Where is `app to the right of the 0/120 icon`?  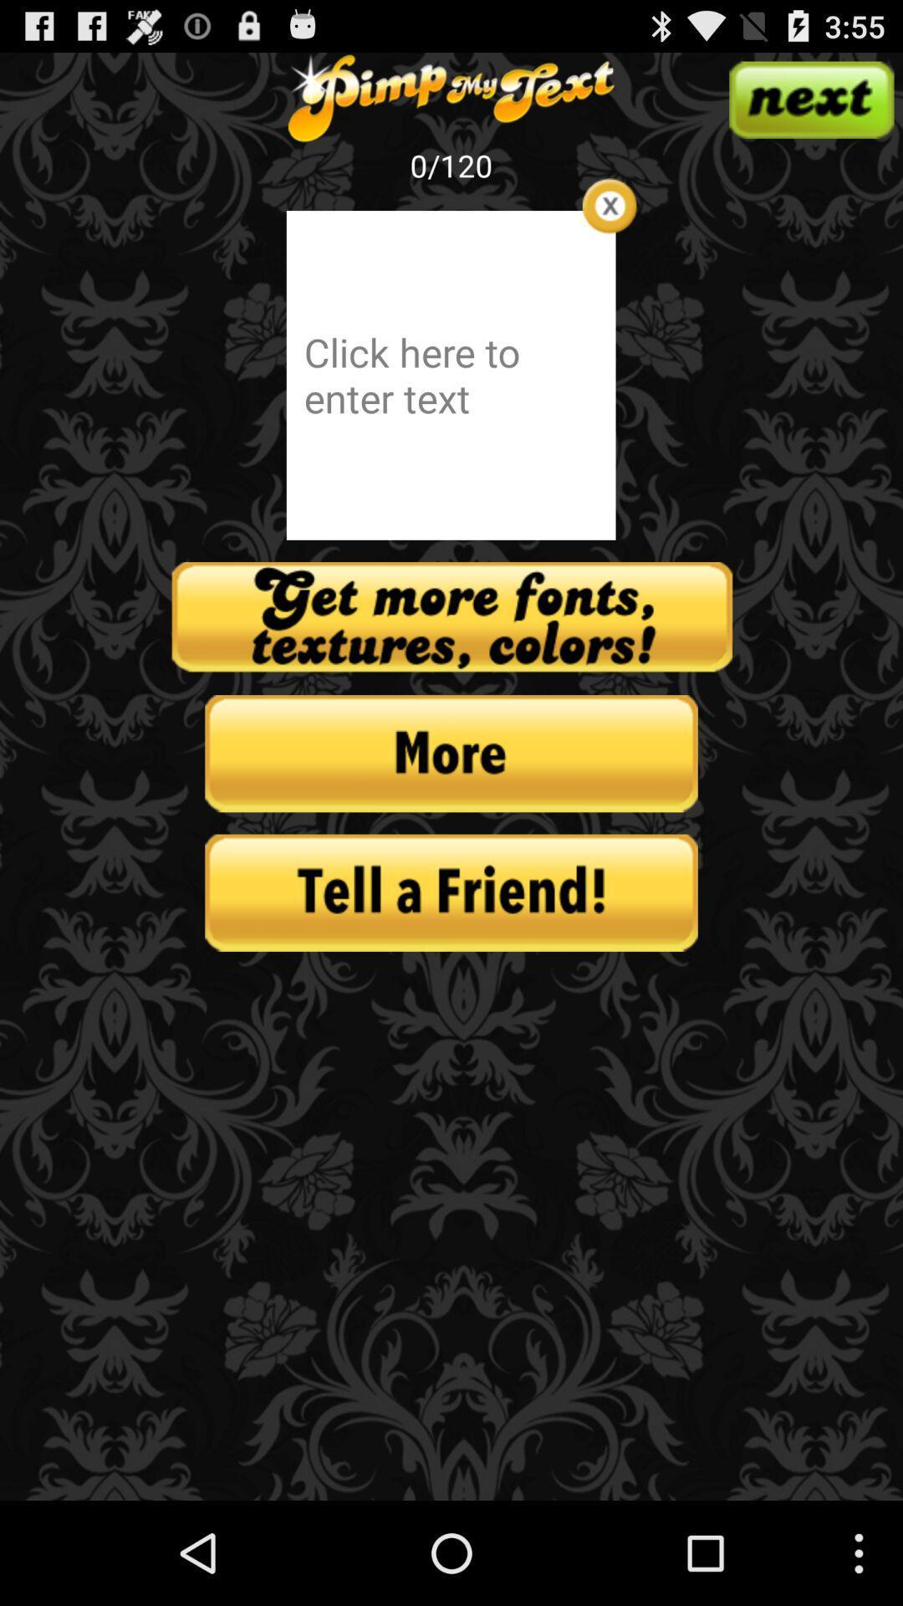
app to the right of the 0/120 icon is located at coordinates (610, 205).